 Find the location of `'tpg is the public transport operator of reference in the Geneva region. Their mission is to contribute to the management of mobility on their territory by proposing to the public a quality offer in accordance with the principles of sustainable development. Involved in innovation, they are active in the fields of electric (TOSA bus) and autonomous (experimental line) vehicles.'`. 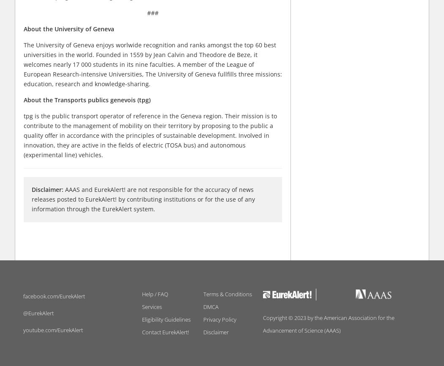

'tpg is the public transport operator of reference in the Geneva region. Their mission is to contribute to the management of mobility on their territory by proposing to the public a quality offer in accordance with the principles of sustainable development. Involved in innovation, they are active in the fields of electric (TOSA bus) and autonomous (experimental line) vehicles.' is located at coordinates (150, 134).